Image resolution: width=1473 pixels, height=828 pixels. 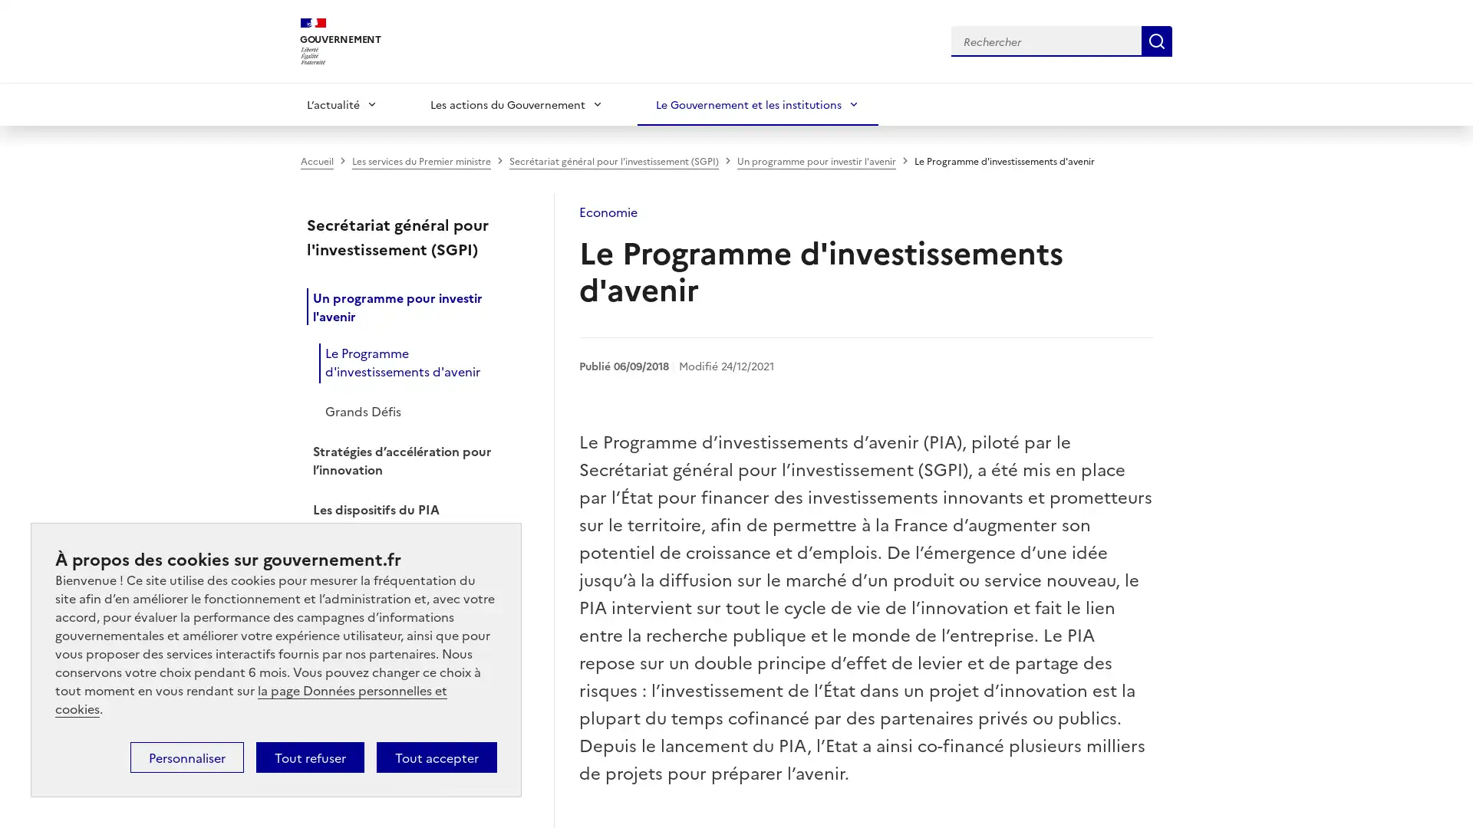 What do you see at coordinates (309, 756) in the screenshot?
I see `Tout refuser` at bounding box center [309, 756].